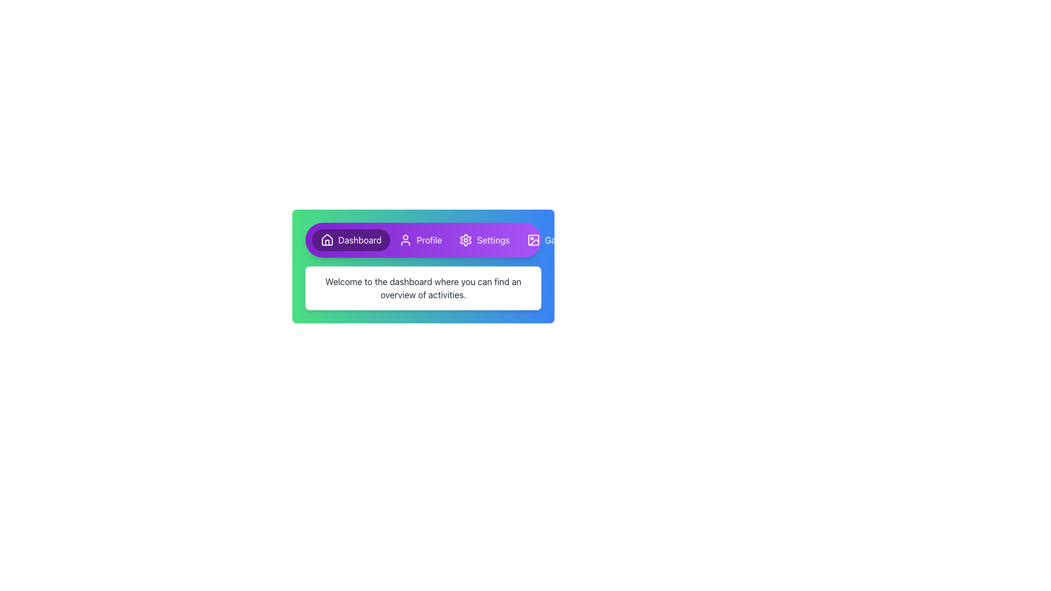 This screenshot has height=591, width=1051. Describe the element at coordinates (405, 240) in the screenshot. I see `the 'Profile' icon located in the top navigation bar, which is the second item from the left` at that location.